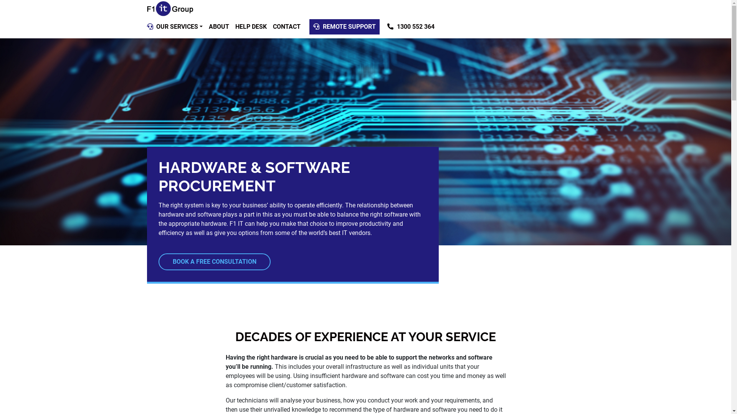 The height and width of the screenshot is (414, 737). Describe the element at coordinates (169, 9) in the screenshot. I see `'F1 IT Group'` at that location.